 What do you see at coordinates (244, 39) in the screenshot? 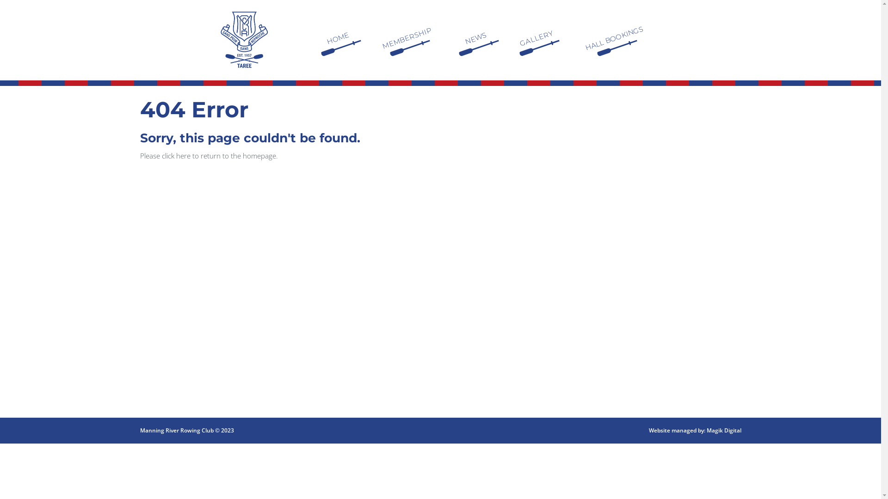
I see `'Manning River Rowing Club'` at bounding box center [244, 39].